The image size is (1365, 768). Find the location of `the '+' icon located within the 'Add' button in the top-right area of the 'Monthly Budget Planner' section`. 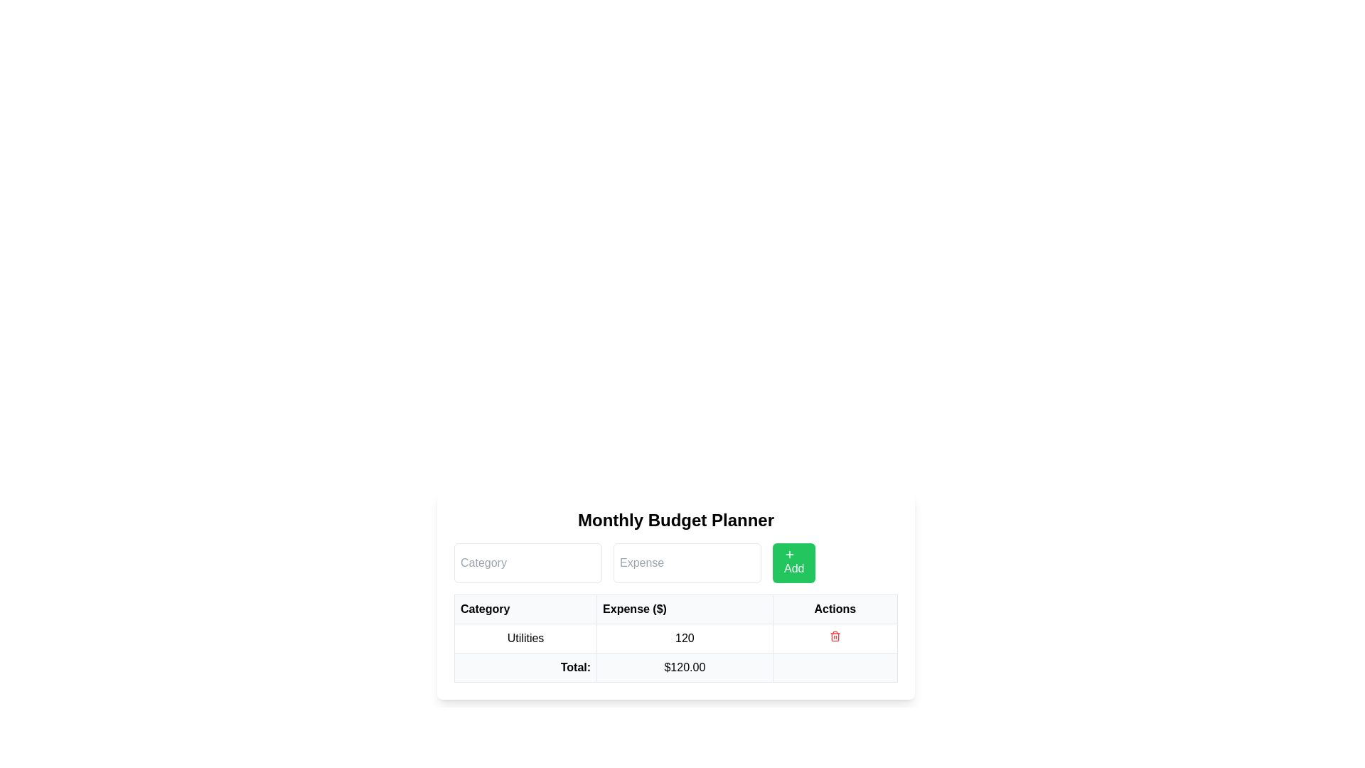

the '+' icon located within the 'Add' button in the top-right area of the 'Monthly Budget Planner' section is located at coordinates (788, 553).